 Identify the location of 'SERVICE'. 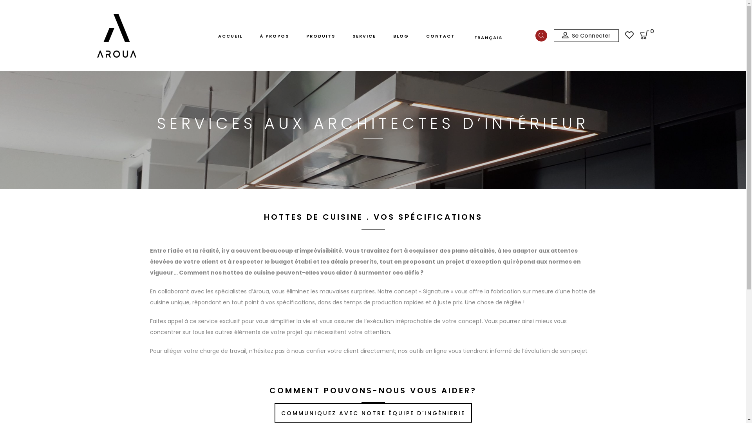
(364, 36).